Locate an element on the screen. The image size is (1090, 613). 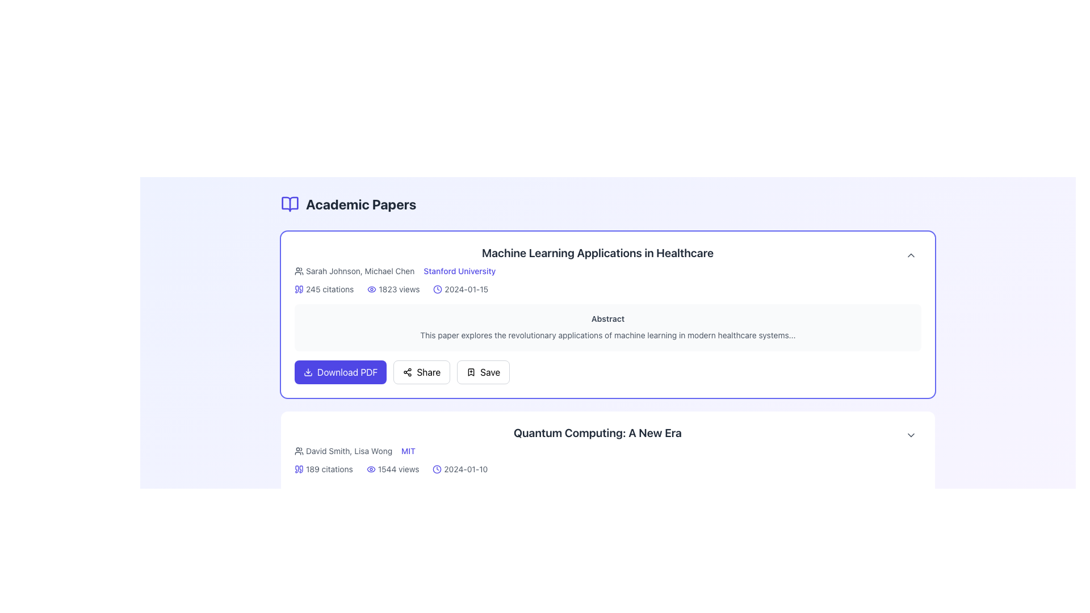
the small circular clock icon with a thin outline and two hands, located to the left of the date '2024-01-15' in the header of the first paper card is located at coordinates (437, 288).